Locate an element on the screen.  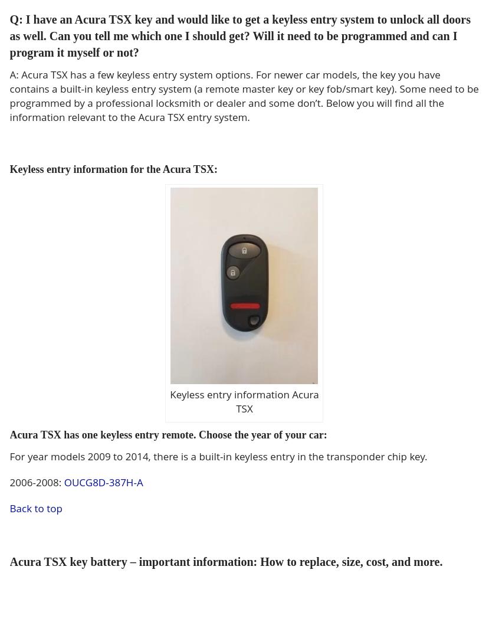
'here is a built-in keyless entry in the transponder chip key.' is located at coordinates (291, 456).